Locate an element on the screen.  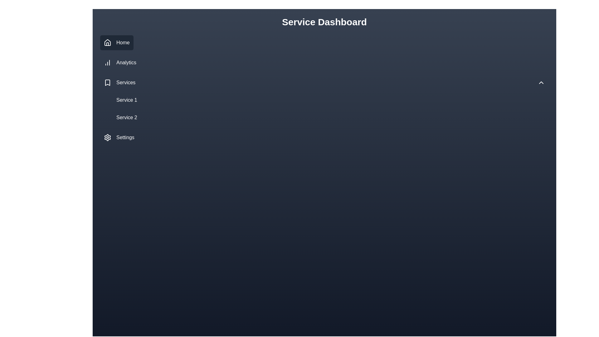
the gear-shaped icon located on the left-side navigation bar next to the 'Settings' text is located at coordinates (108, 137).